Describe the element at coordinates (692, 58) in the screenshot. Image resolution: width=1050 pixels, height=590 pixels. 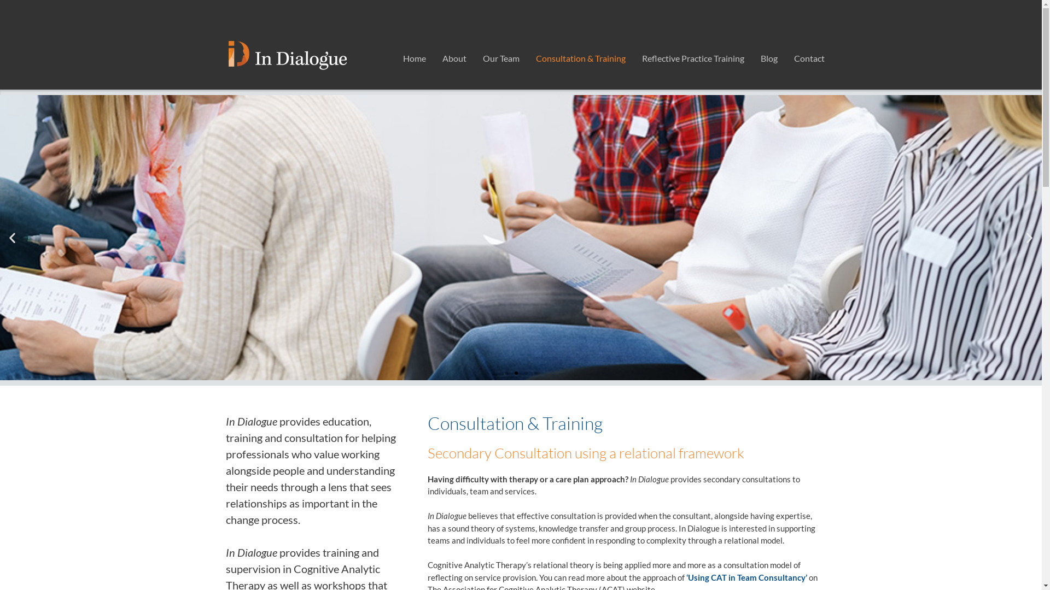
I see `'Reflective Practice Training'` at that location.